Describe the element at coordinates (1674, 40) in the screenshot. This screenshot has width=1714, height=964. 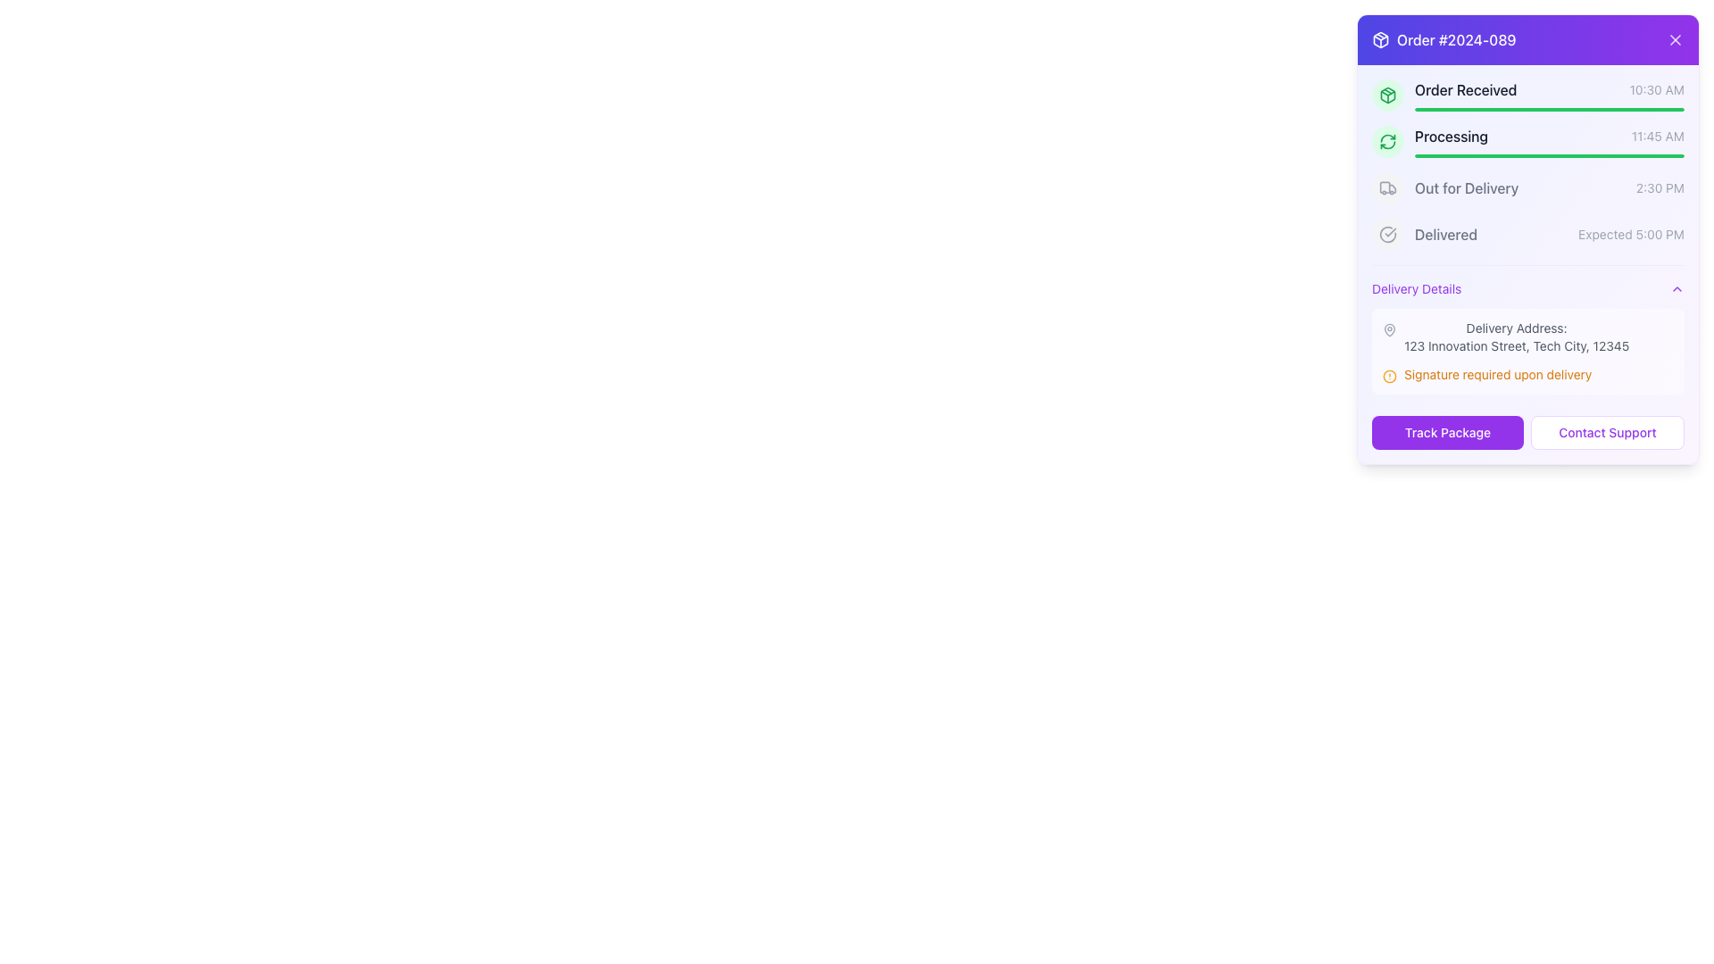
I see `the circular close button with a minimalist 'X' icon located in the top-right corner of the order details box for interactive feedback` at that location.